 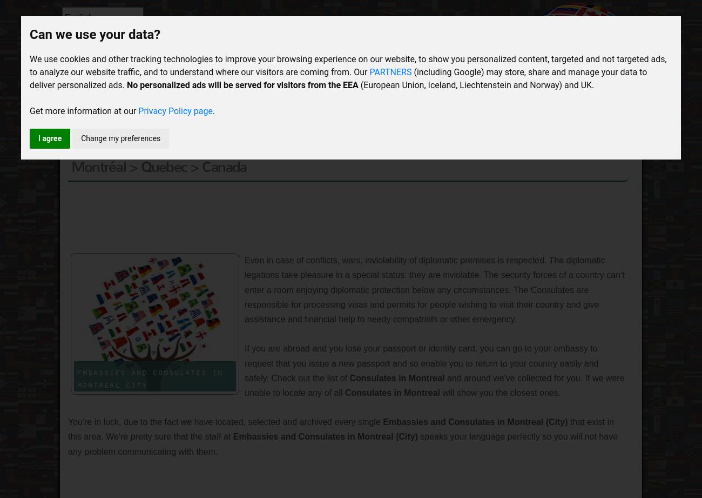 I want to click on 'We use cookies and other tracking technologies to improve your browsing experience on our website, to show you personalized content, targeted and not targeted ads, to analyze our website traffic, and to understand where our visitors are coming from. Our', so click(x=348, y=65).